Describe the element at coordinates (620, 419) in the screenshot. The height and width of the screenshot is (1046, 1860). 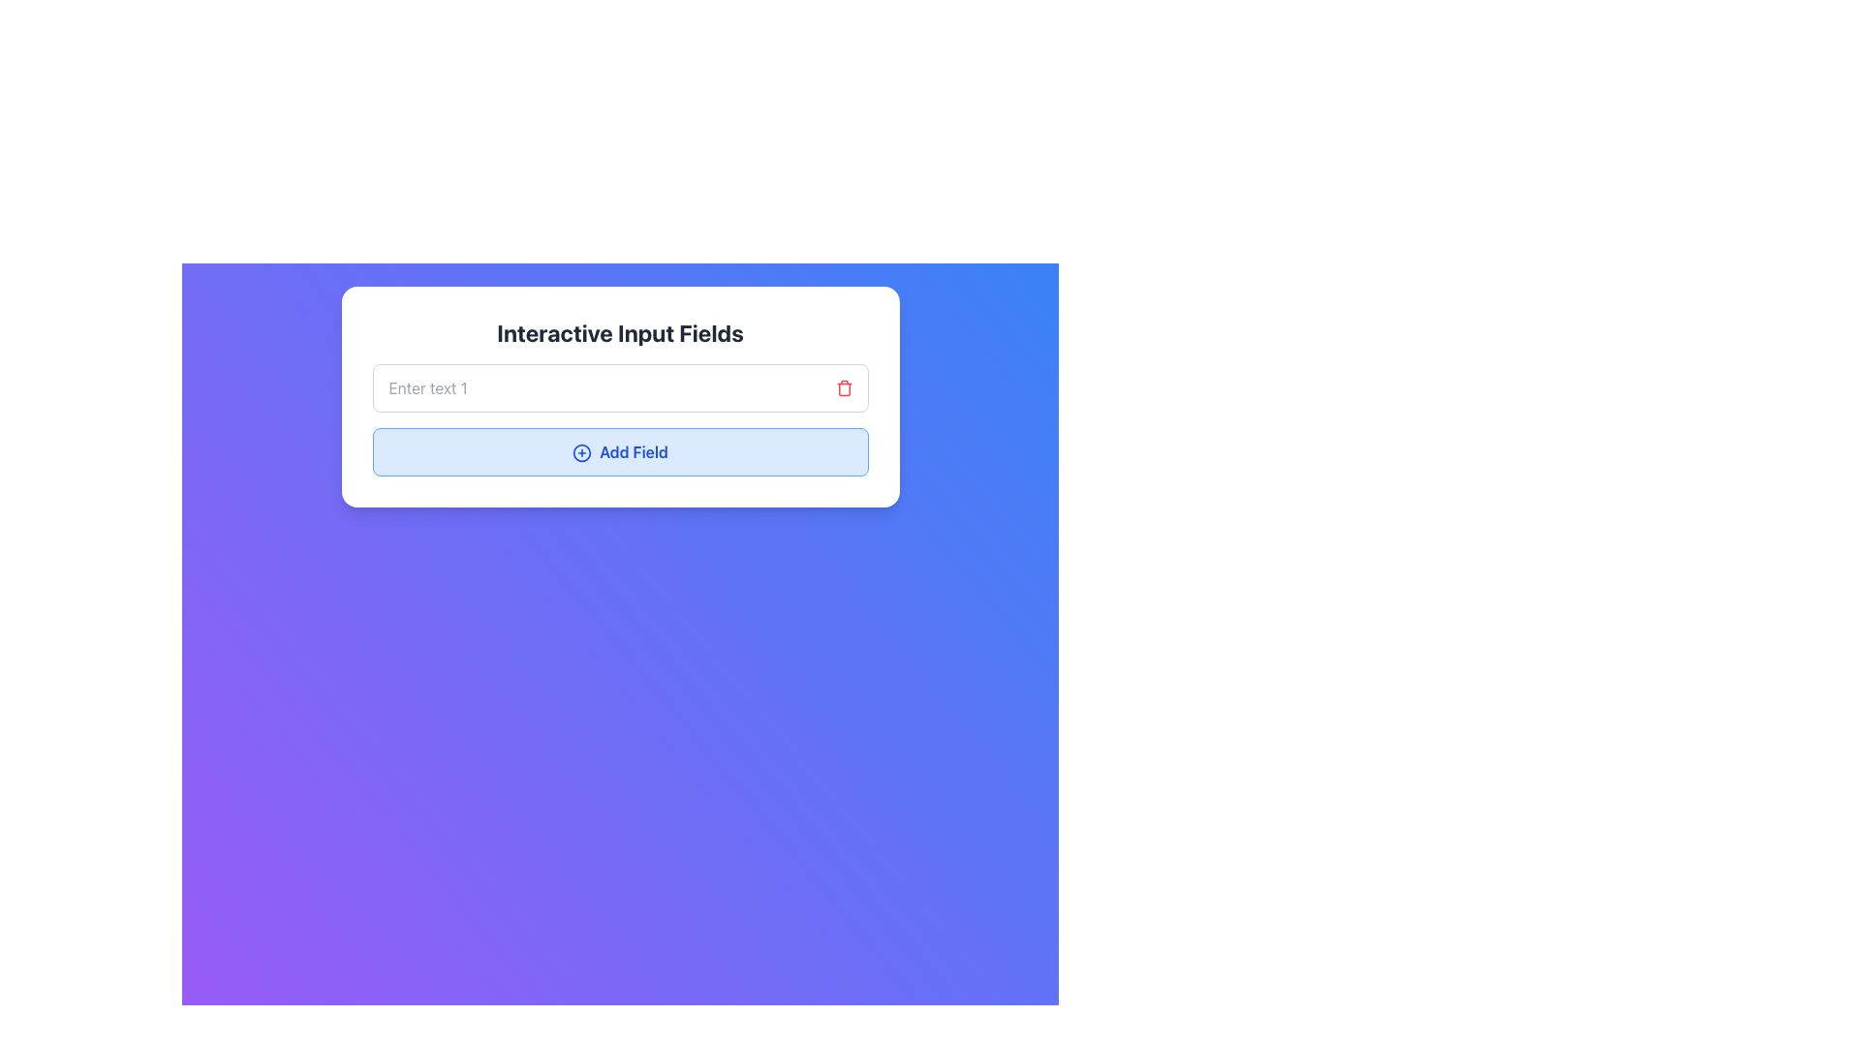
I see `the 'Add Field' button, which has a blue background, rounded corners, and bold text` at that location.